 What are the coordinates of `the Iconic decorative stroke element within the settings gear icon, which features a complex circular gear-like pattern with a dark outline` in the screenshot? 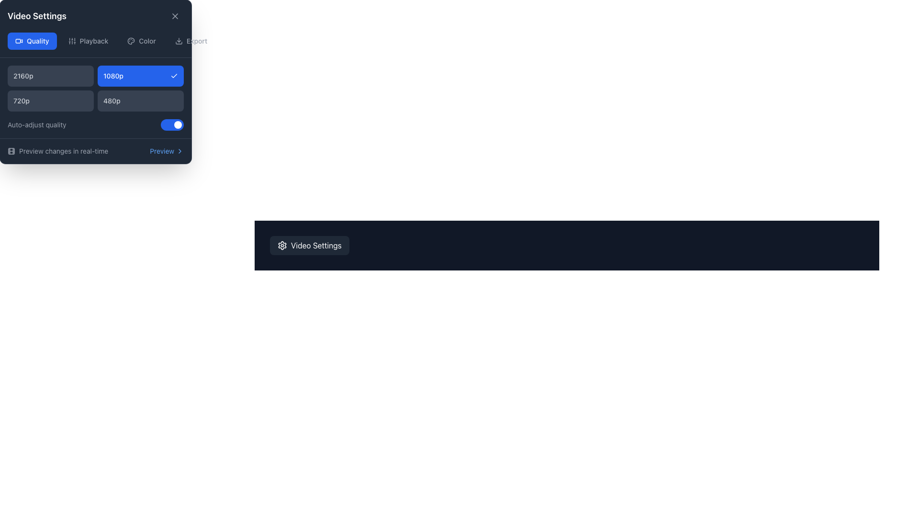 It's located at (282, 245).